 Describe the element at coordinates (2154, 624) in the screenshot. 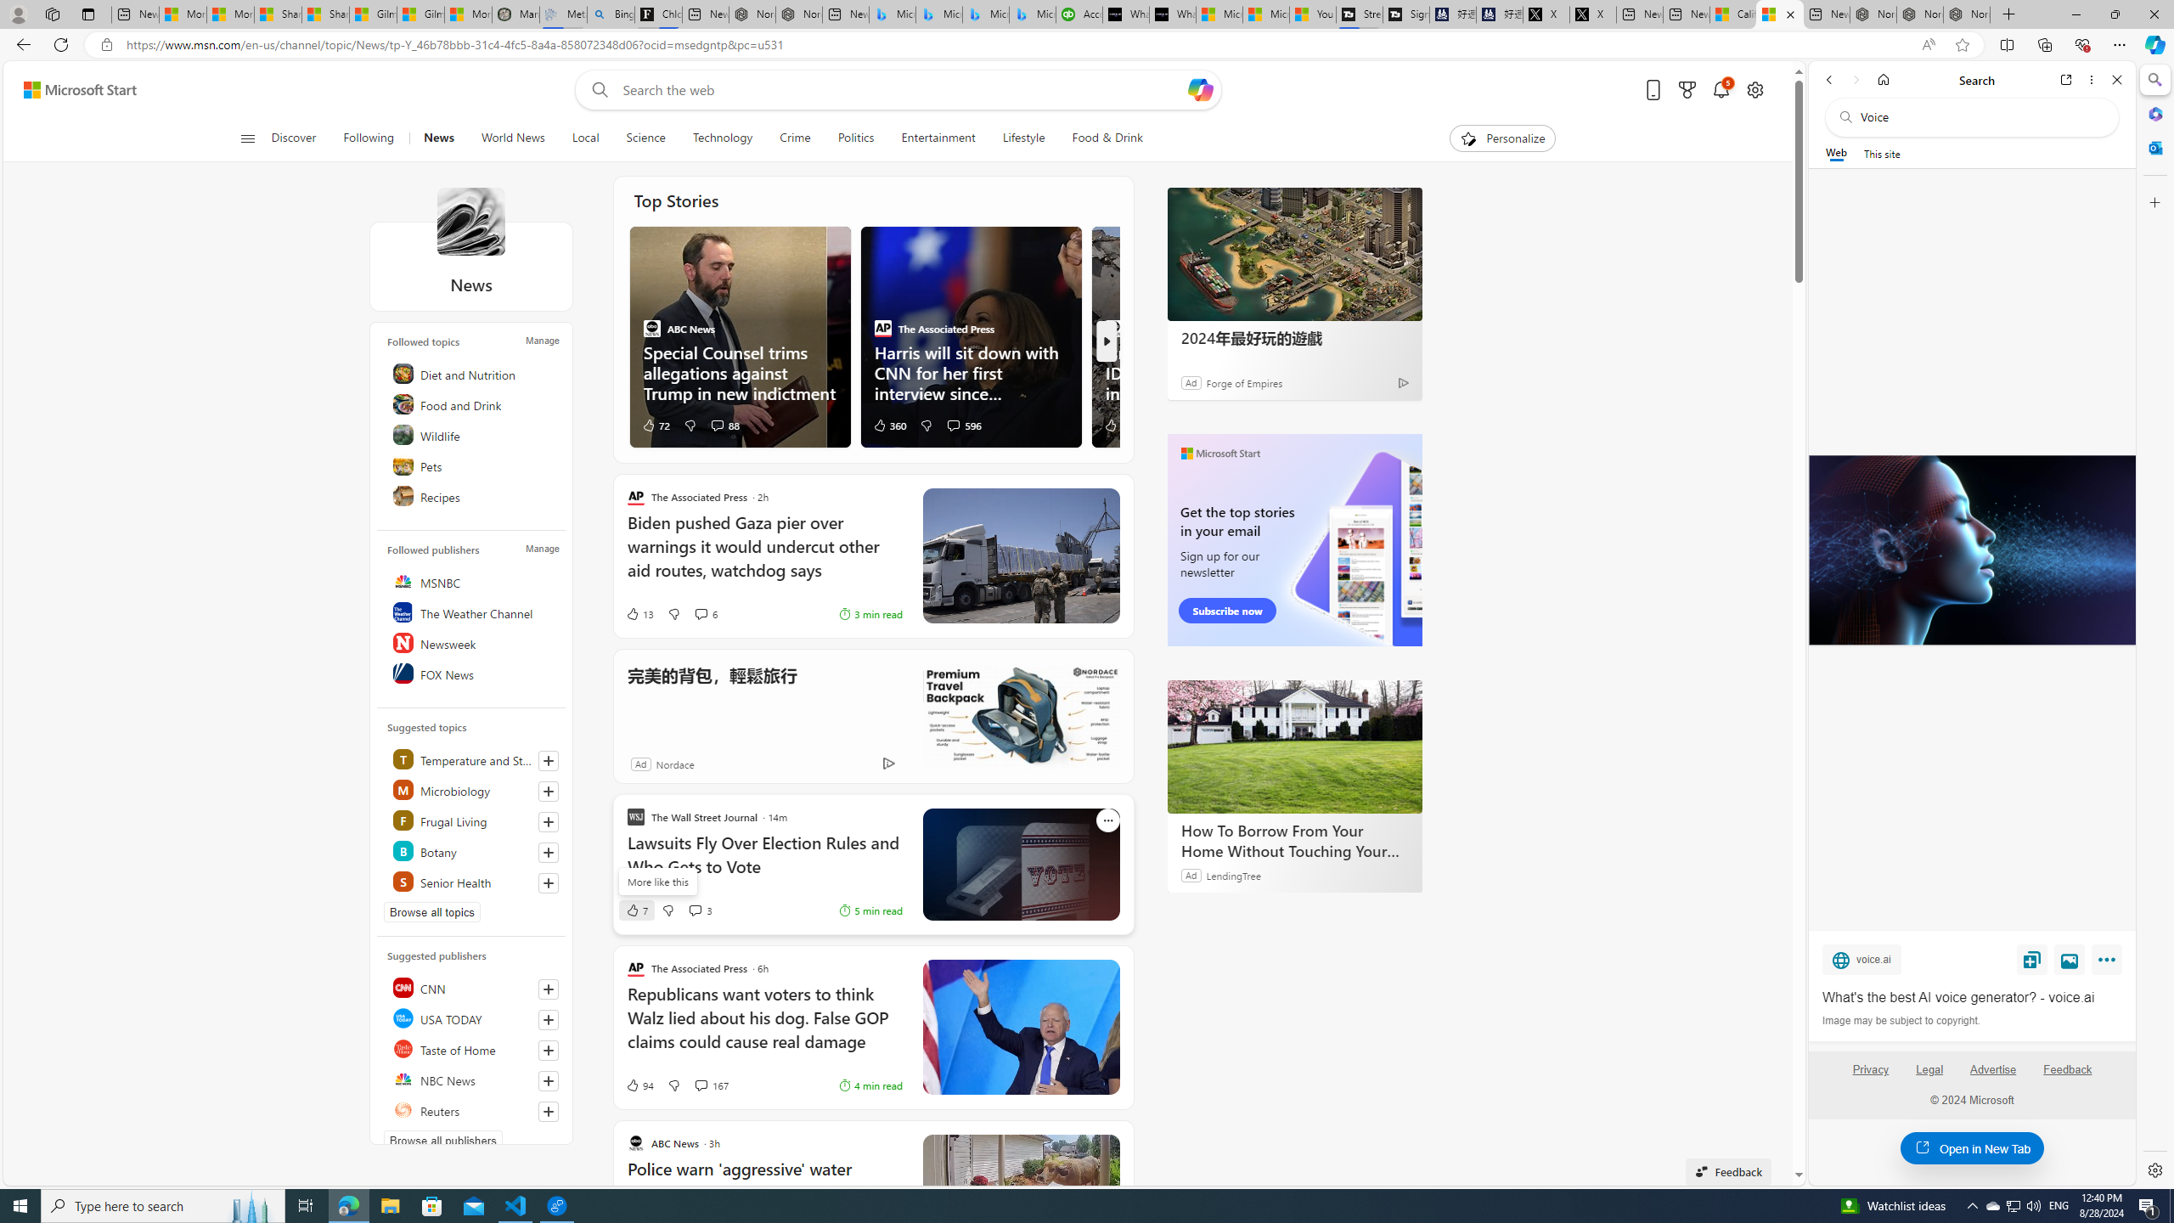

I see `'Side bar'` at that location.